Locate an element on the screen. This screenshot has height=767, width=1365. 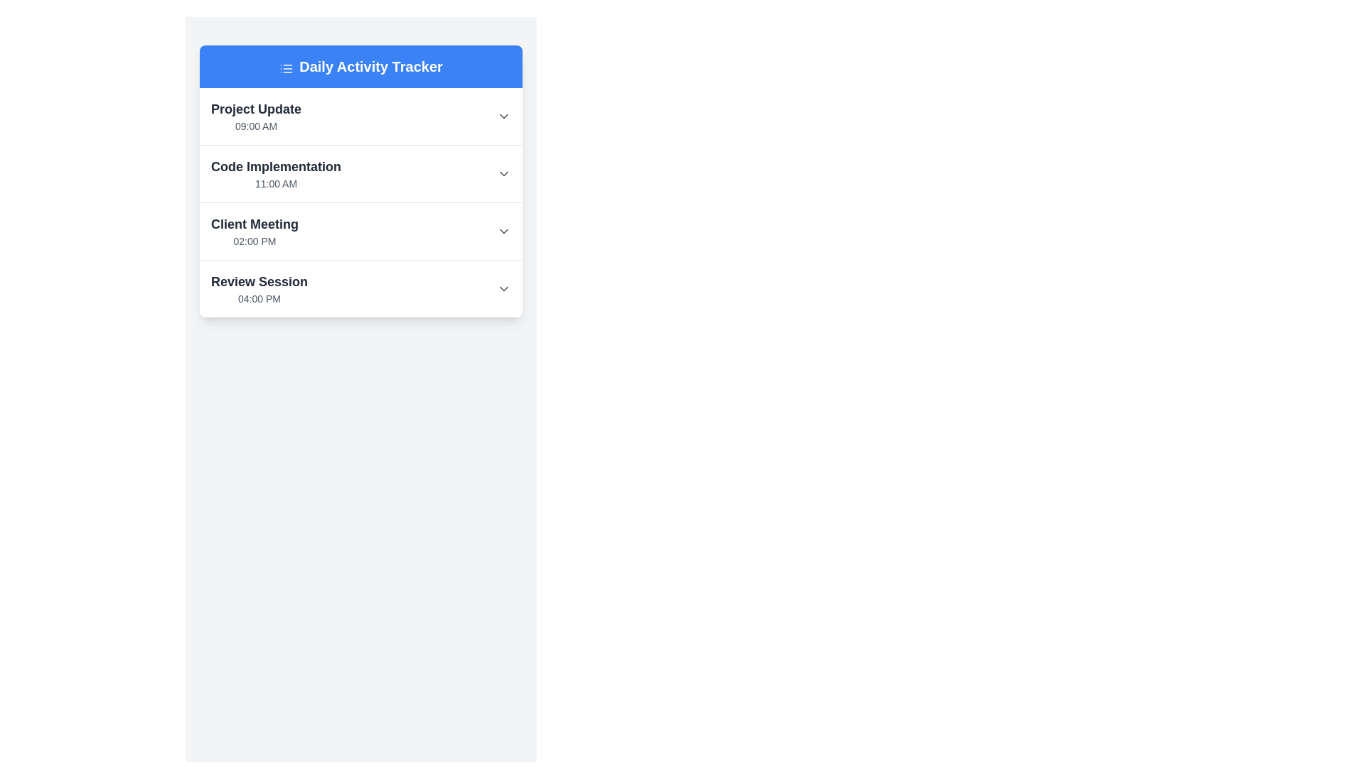
the Header that serves as the title for the daily activity tracker, indicating the content of the display below it is located at coordinates (361, 66).